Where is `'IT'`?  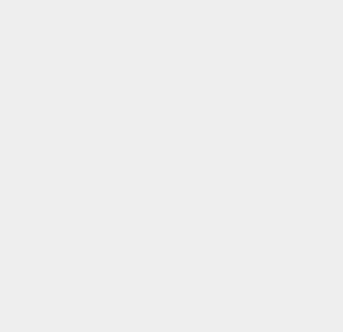 'IT' is located at coordinates (244, 5).